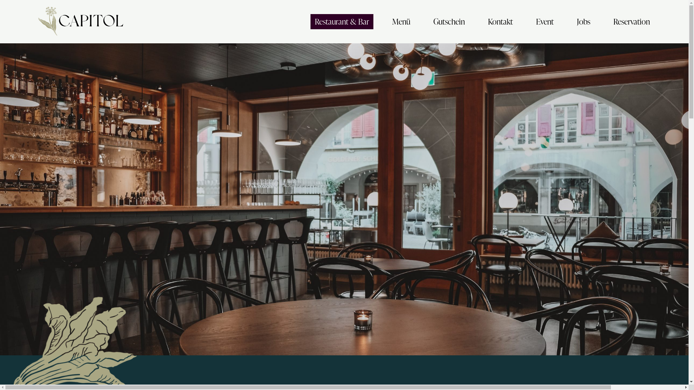  I want to click on 'Jobs', so click(572, 21).